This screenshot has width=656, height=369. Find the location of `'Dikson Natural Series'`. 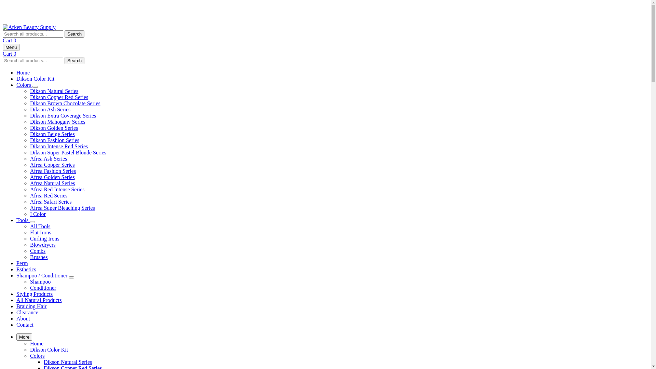

'Dikson Natural Series' is located at coordinates (68, 361).